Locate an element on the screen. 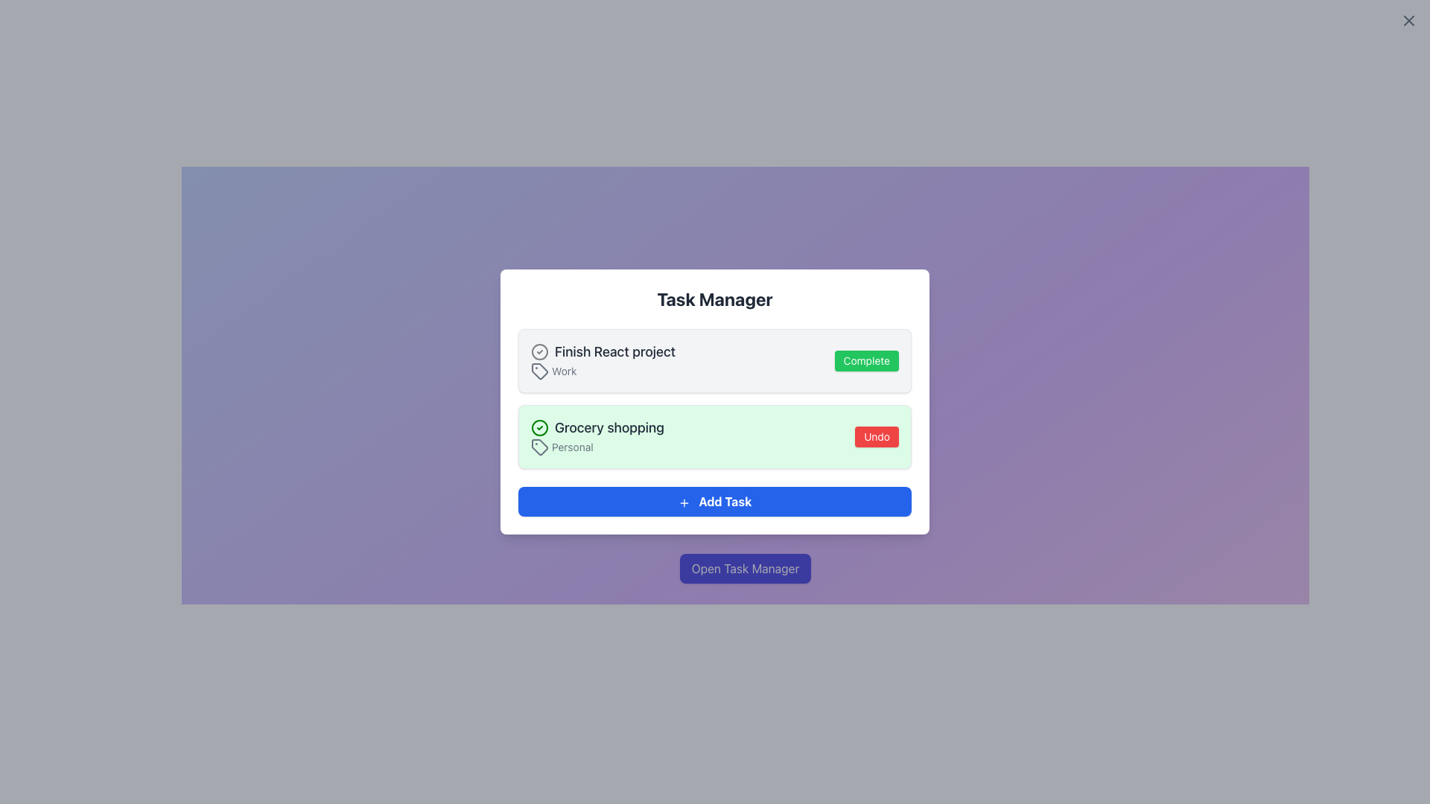  text displayed in the label that shows 'Grocery shopping Personal', which is located within a green-highlighted box in the Task Manager section is located at coordinates (597, 435).